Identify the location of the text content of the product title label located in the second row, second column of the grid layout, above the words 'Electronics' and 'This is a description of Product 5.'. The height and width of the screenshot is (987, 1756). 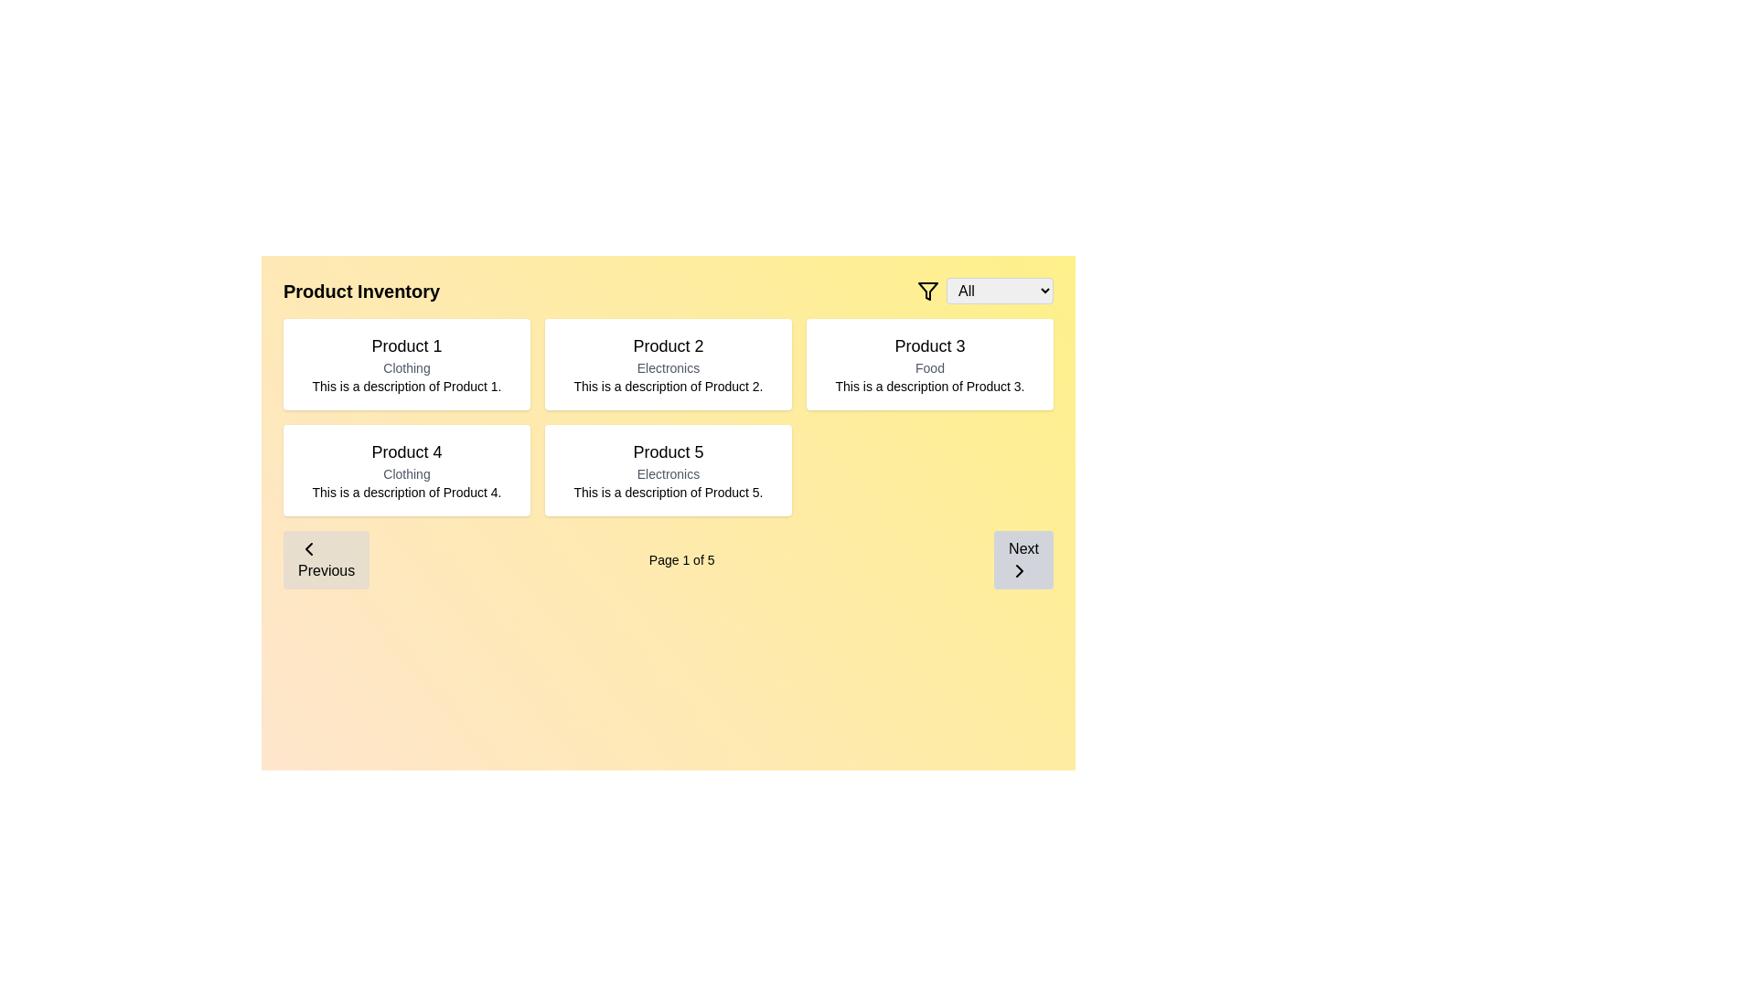
(667, 451).